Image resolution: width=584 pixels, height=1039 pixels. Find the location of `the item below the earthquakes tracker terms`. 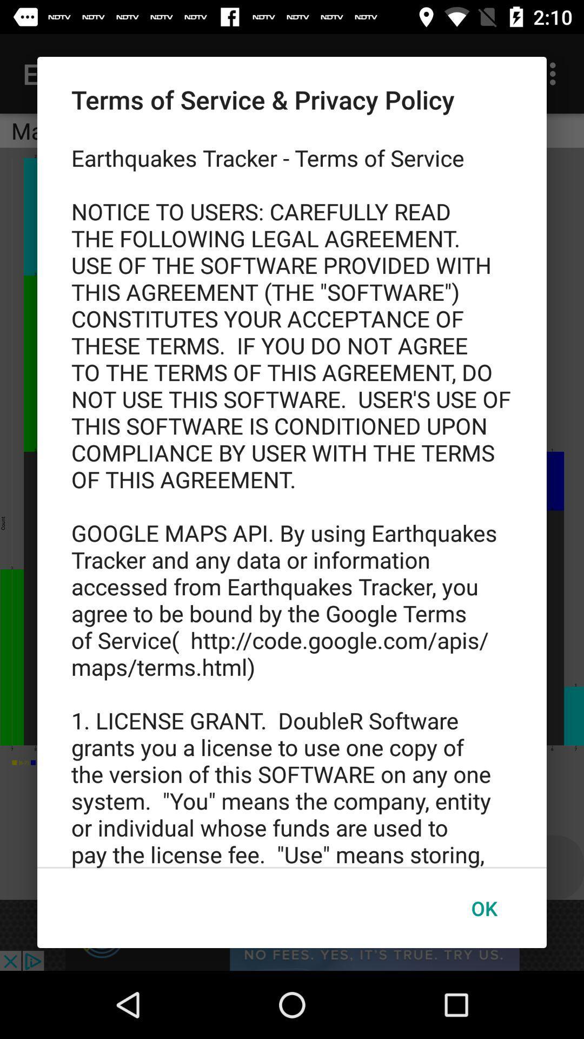

the item below the earthquakes tracker terms is located at coordinates (483, 908).